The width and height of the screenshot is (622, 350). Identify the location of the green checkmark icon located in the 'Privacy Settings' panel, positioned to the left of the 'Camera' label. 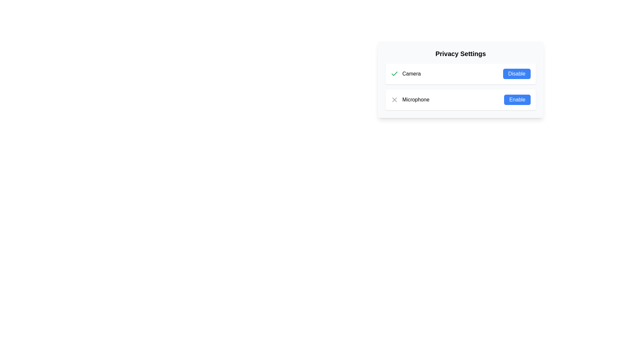
(394, 73).